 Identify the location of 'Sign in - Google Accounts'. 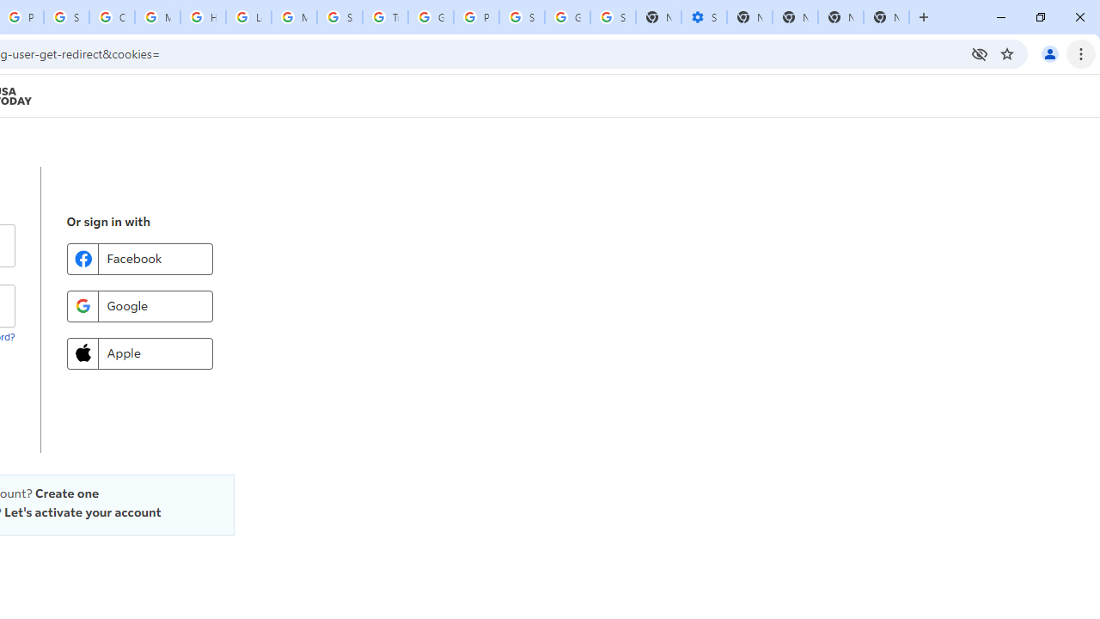
(66, 17).